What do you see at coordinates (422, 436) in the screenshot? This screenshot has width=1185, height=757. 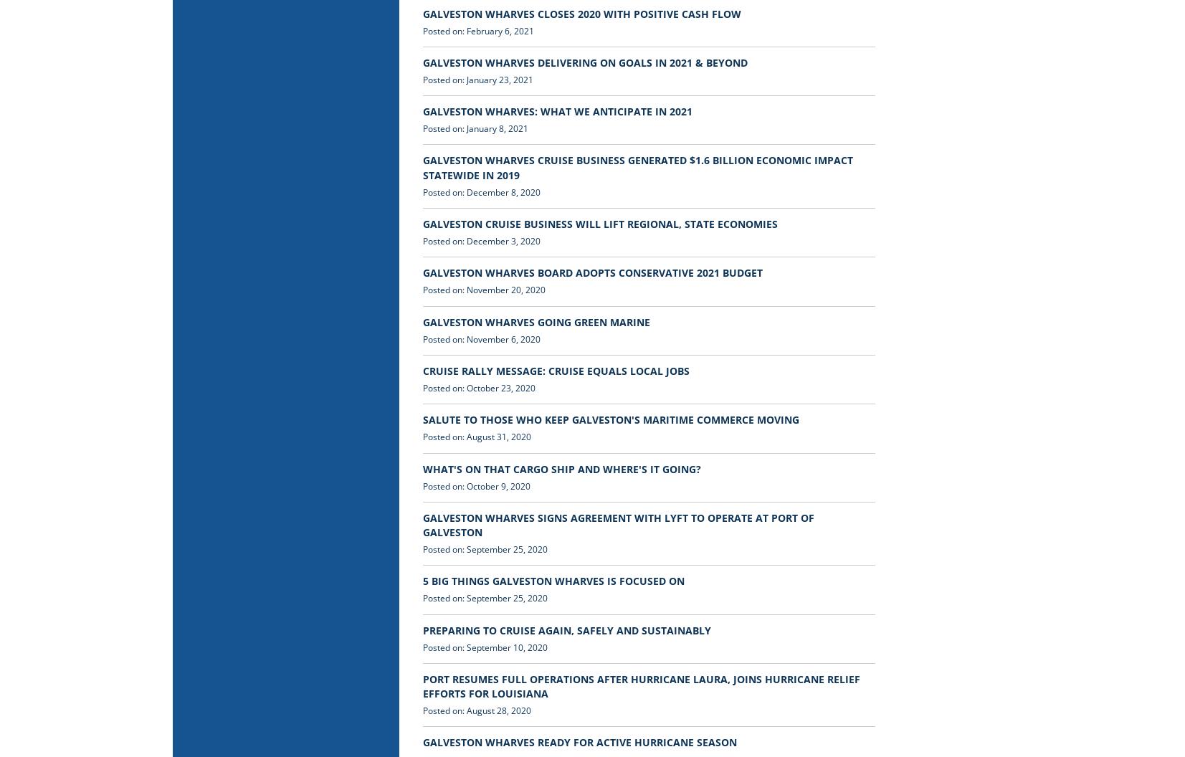 I see `'Posted on: August 31, 2020'` at bounding box center [422, 436].